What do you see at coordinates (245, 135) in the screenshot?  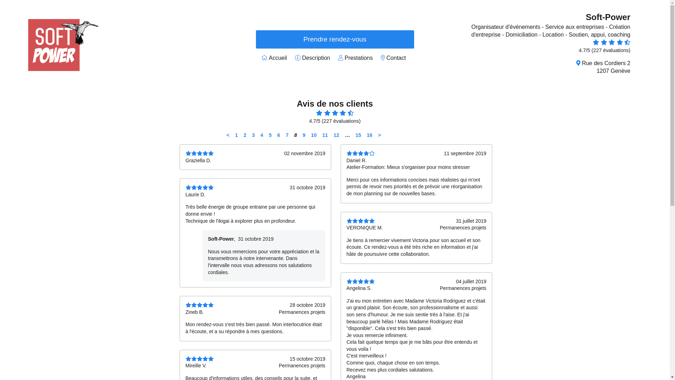 I see `'2'` at bounding box center [245, 135].